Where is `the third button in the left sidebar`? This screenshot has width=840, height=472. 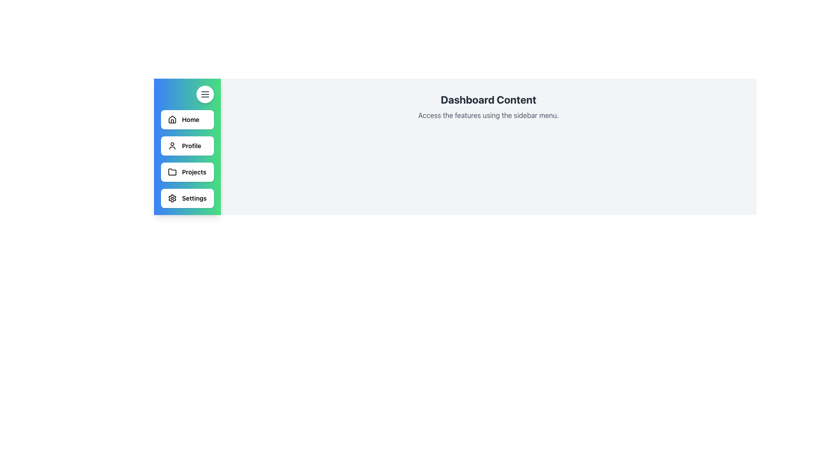 the third button in the left sidebar is located at coordinates (187, 172).